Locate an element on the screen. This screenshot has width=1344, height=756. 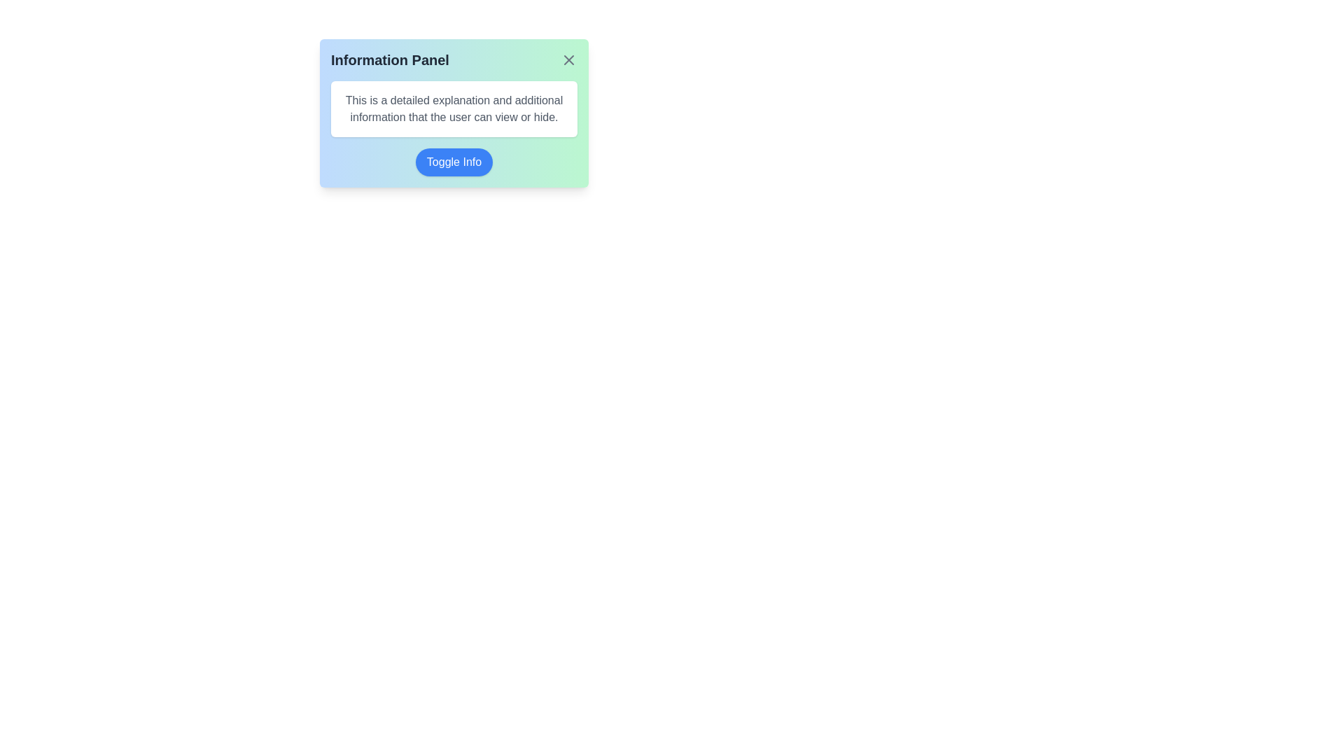
the Close button represented by an 'X' icon located at the top right corner of the Information Panel is located at coordinates (568, 59).